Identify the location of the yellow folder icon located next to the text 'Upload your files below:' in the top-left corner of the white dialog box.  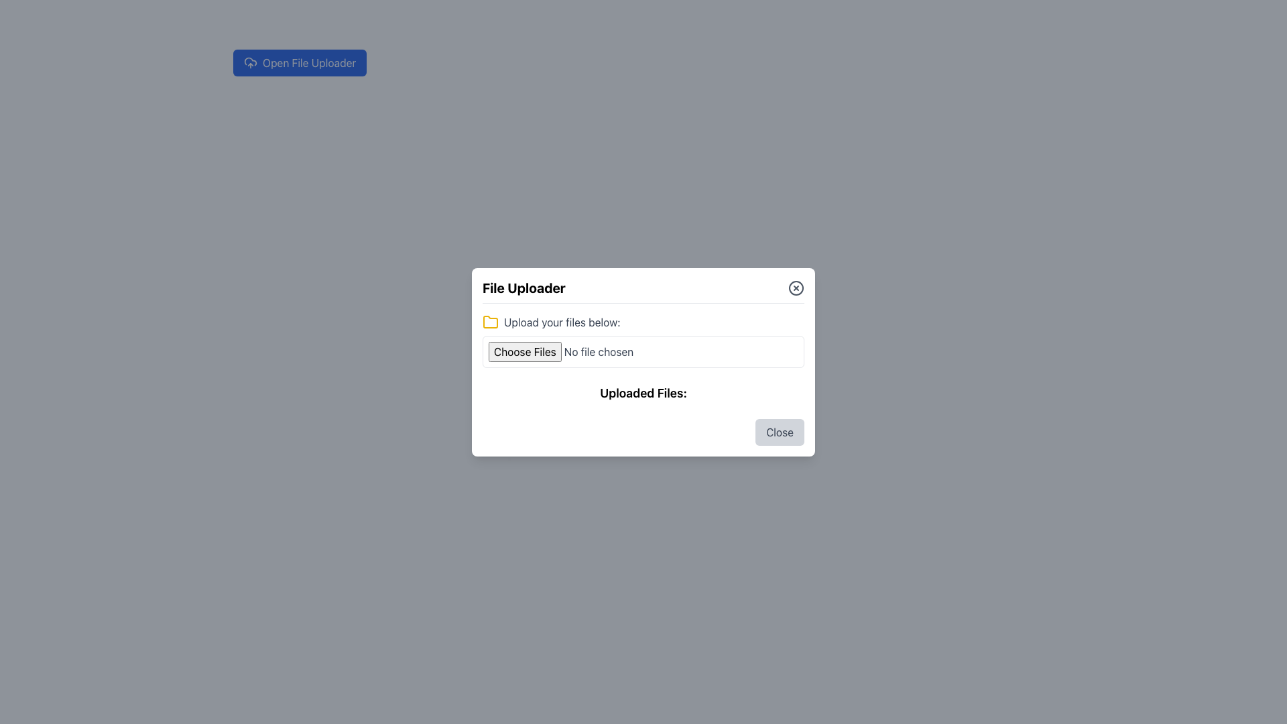
(489, 322).